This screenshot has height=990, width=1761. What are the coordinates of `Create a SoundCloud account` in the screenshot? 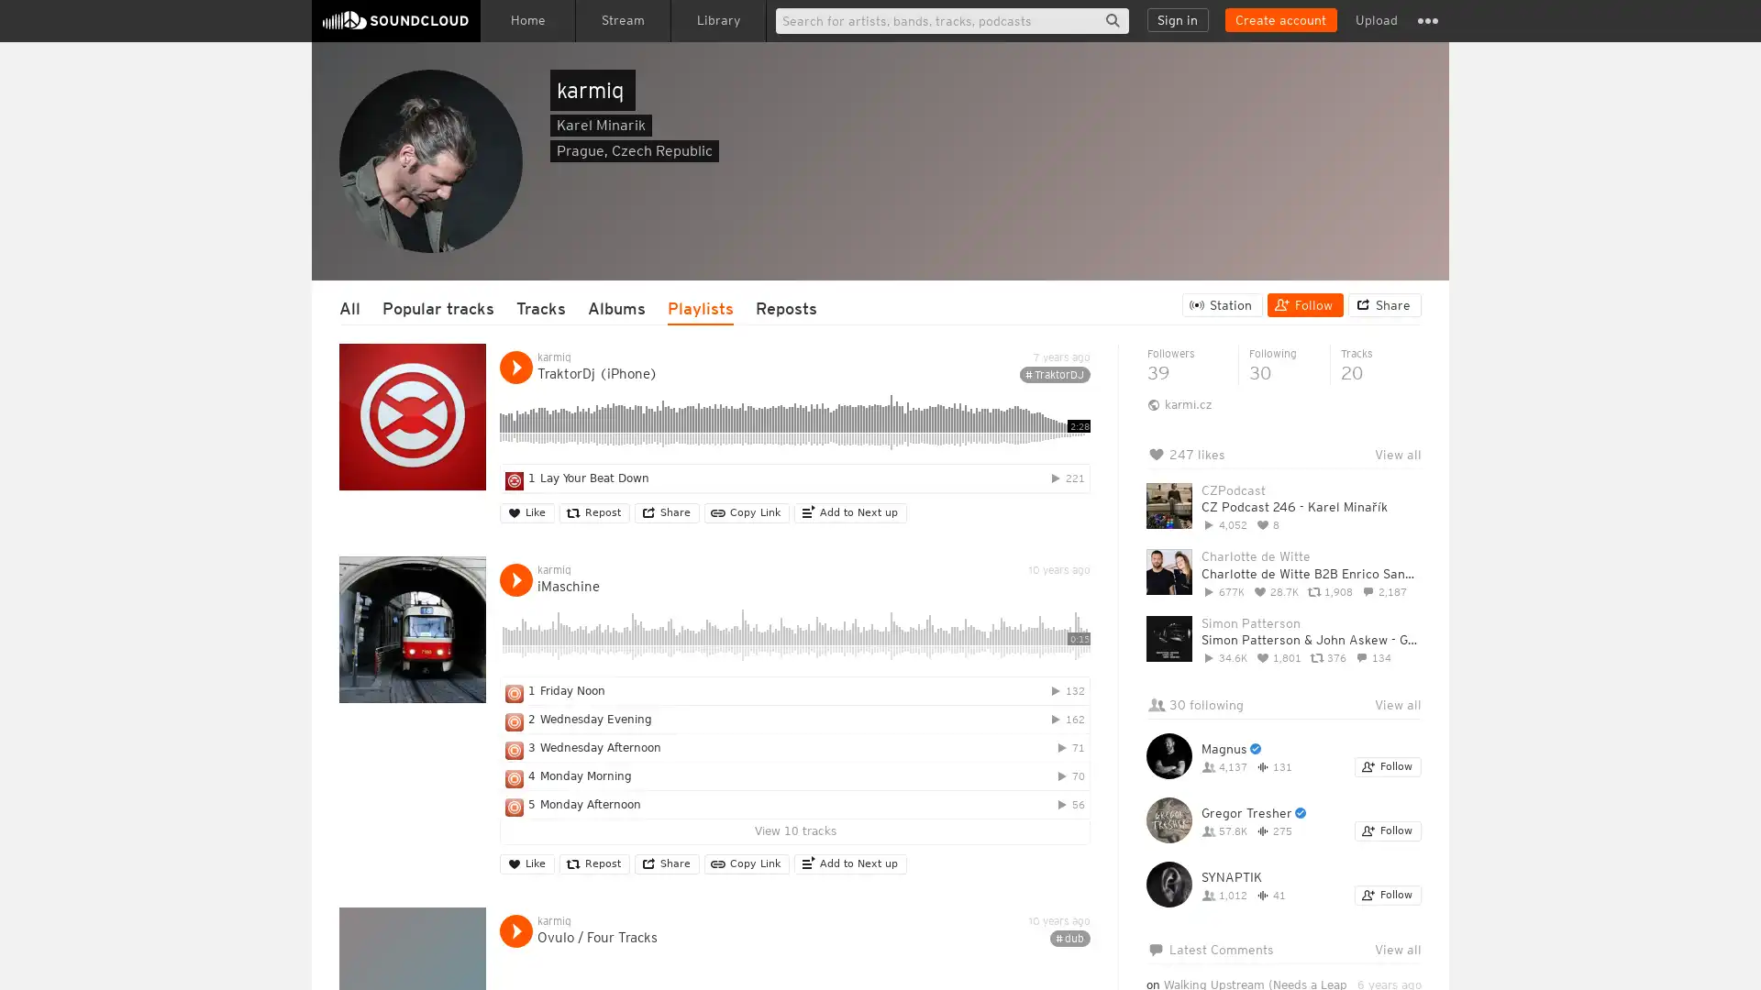 It's located at (1279, 20).